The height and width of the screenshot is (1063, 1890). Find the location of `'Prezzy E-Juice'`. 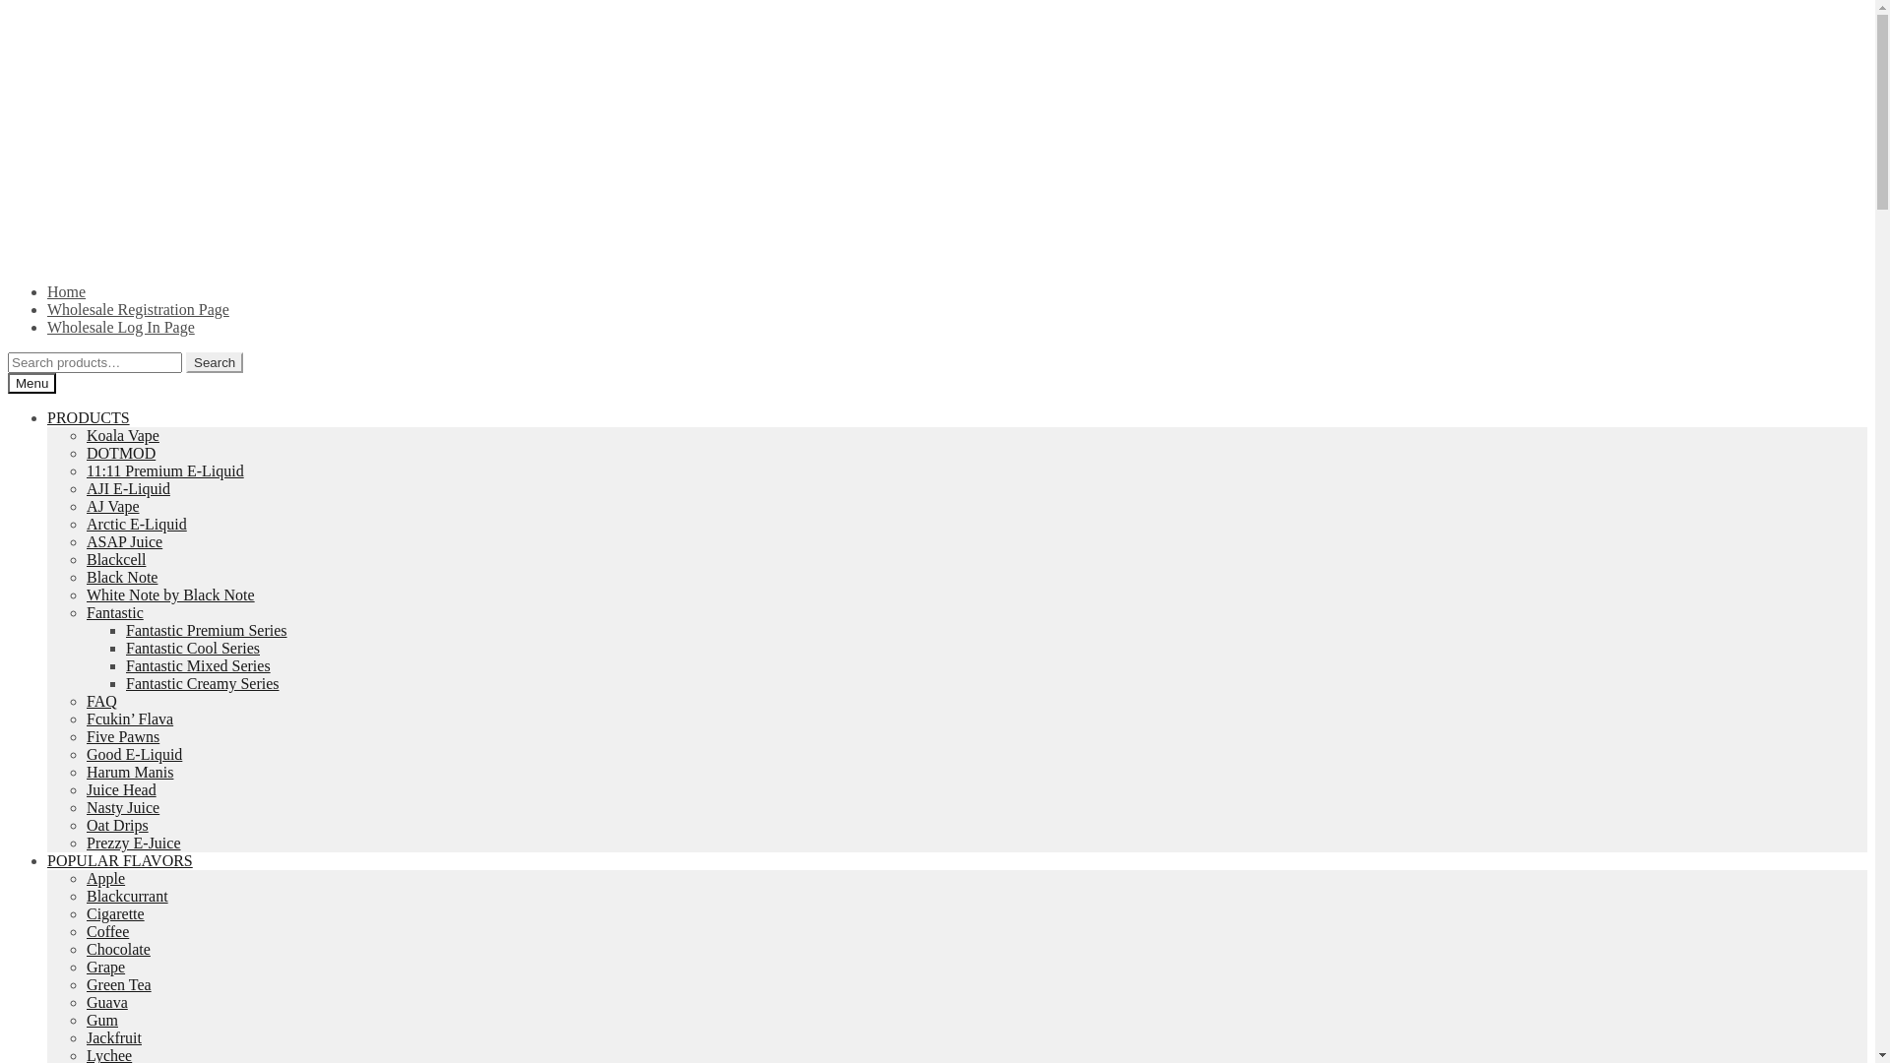

'Prezzy E-Juice' is located at coordinates (85, 842).